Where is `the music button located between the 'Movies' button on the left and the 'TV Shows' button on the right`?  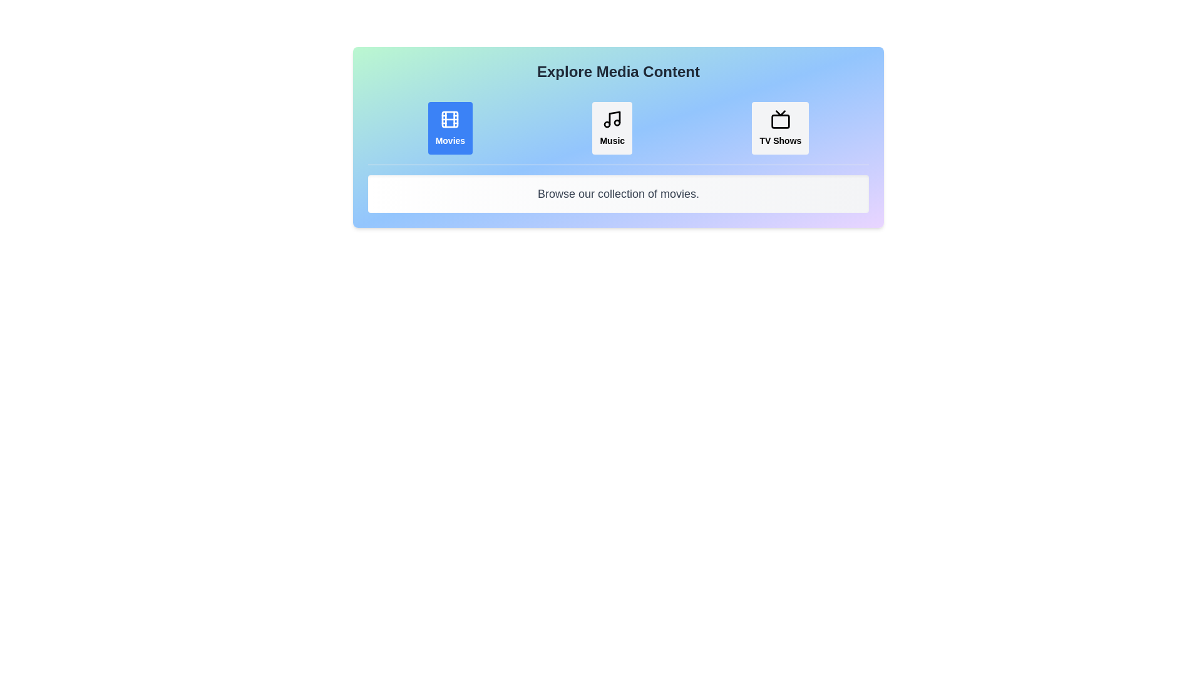
the music button located between the 'Movies' button on the left and the 'TV Shows' button on the right is located at coordinates (612, 128).